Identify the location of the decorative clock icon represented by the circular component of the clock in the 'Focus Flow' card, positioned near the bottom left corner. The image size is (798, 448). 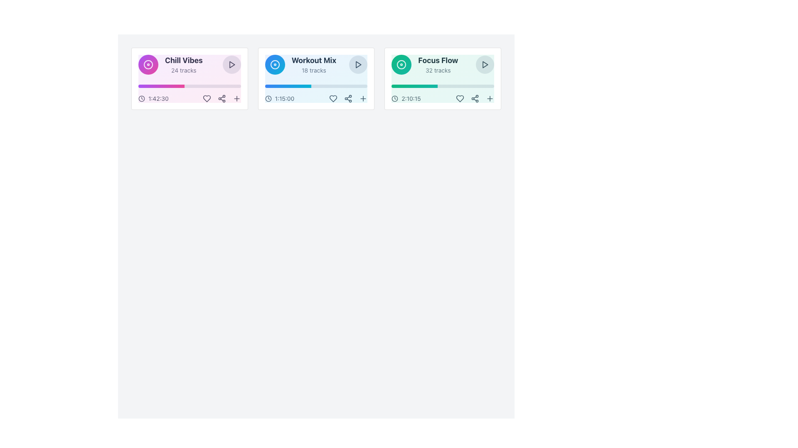
(394, 98).